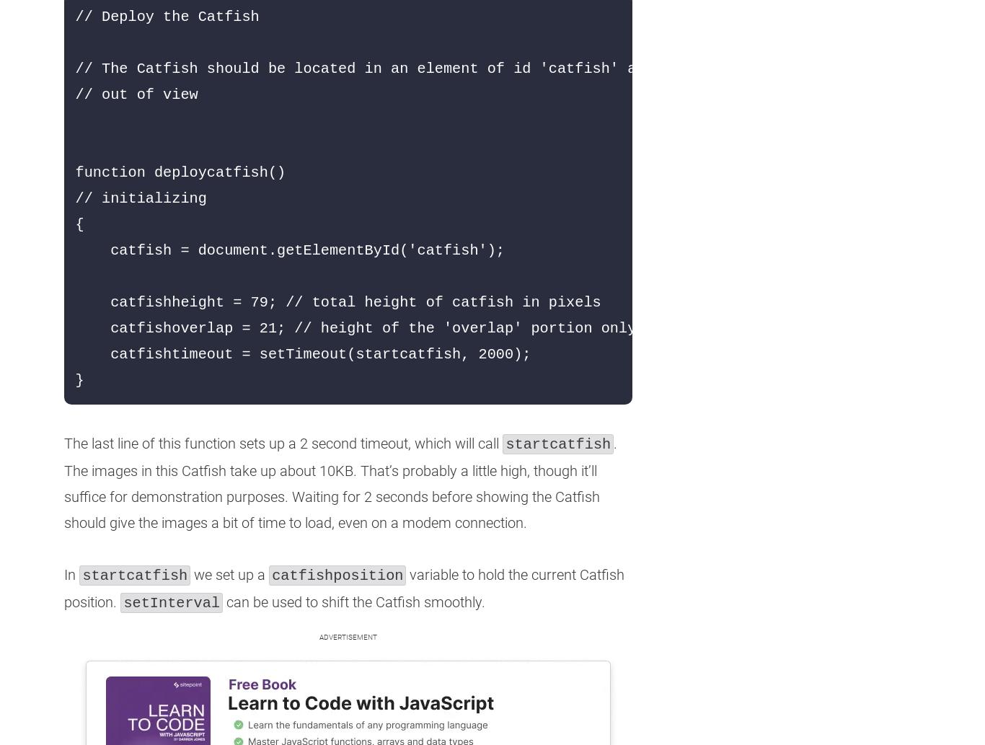 The width and height of the screenshot is (985, 745). I want to click on 'setInterval', so click(171, 603).